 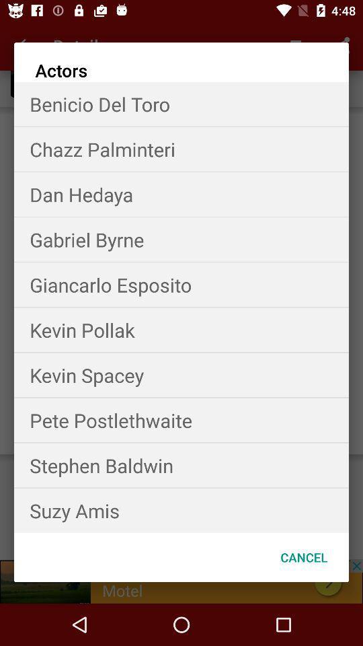 I want to click on the    suzy amis, so click(x=182, y=509).